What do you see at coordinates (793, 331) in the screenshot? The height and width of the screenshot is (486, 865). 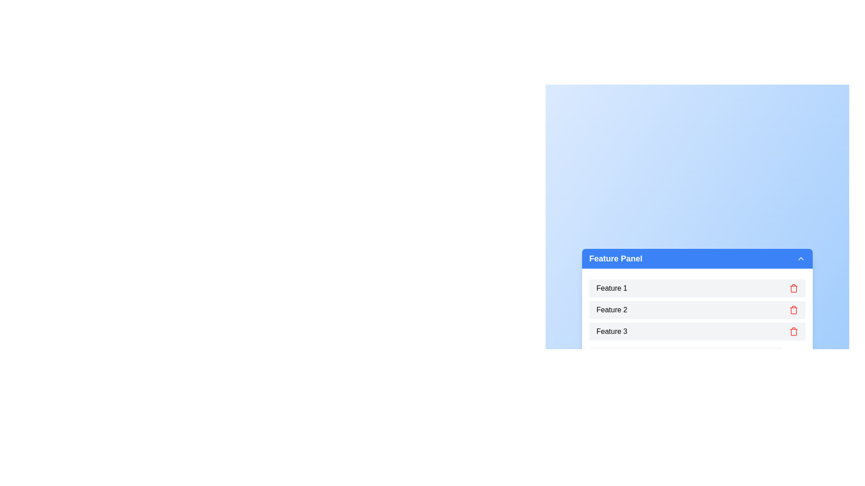 I see `the red trash can icon located to the right of 'Feature 3' in the feature panel to potentially display a tooltip` at bounding box center [793, 331].